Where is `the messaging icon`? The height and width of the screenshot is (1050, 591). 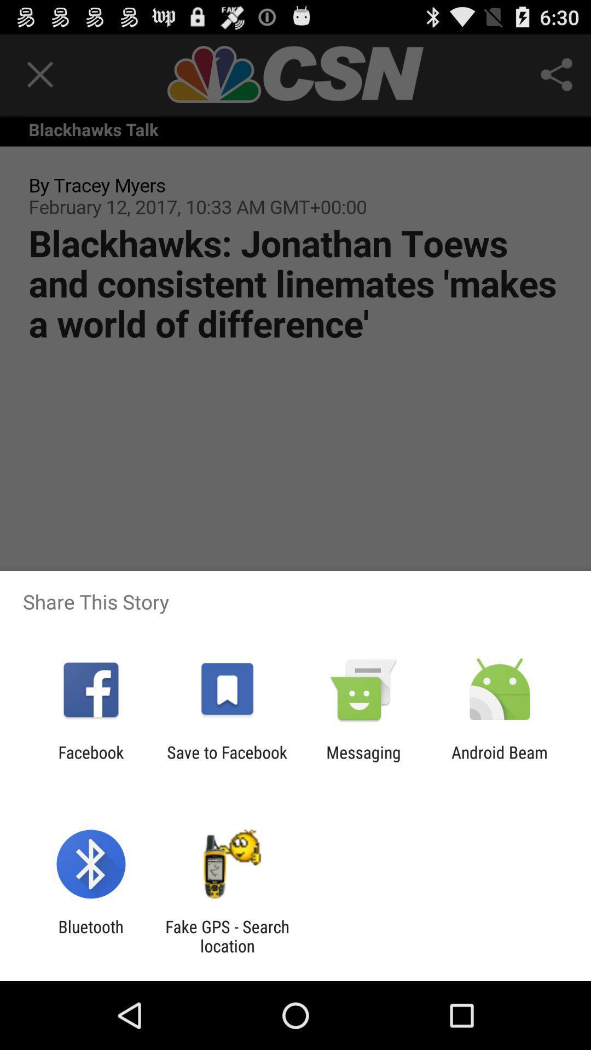 the messaging icon is located at coordinates (363, 761).